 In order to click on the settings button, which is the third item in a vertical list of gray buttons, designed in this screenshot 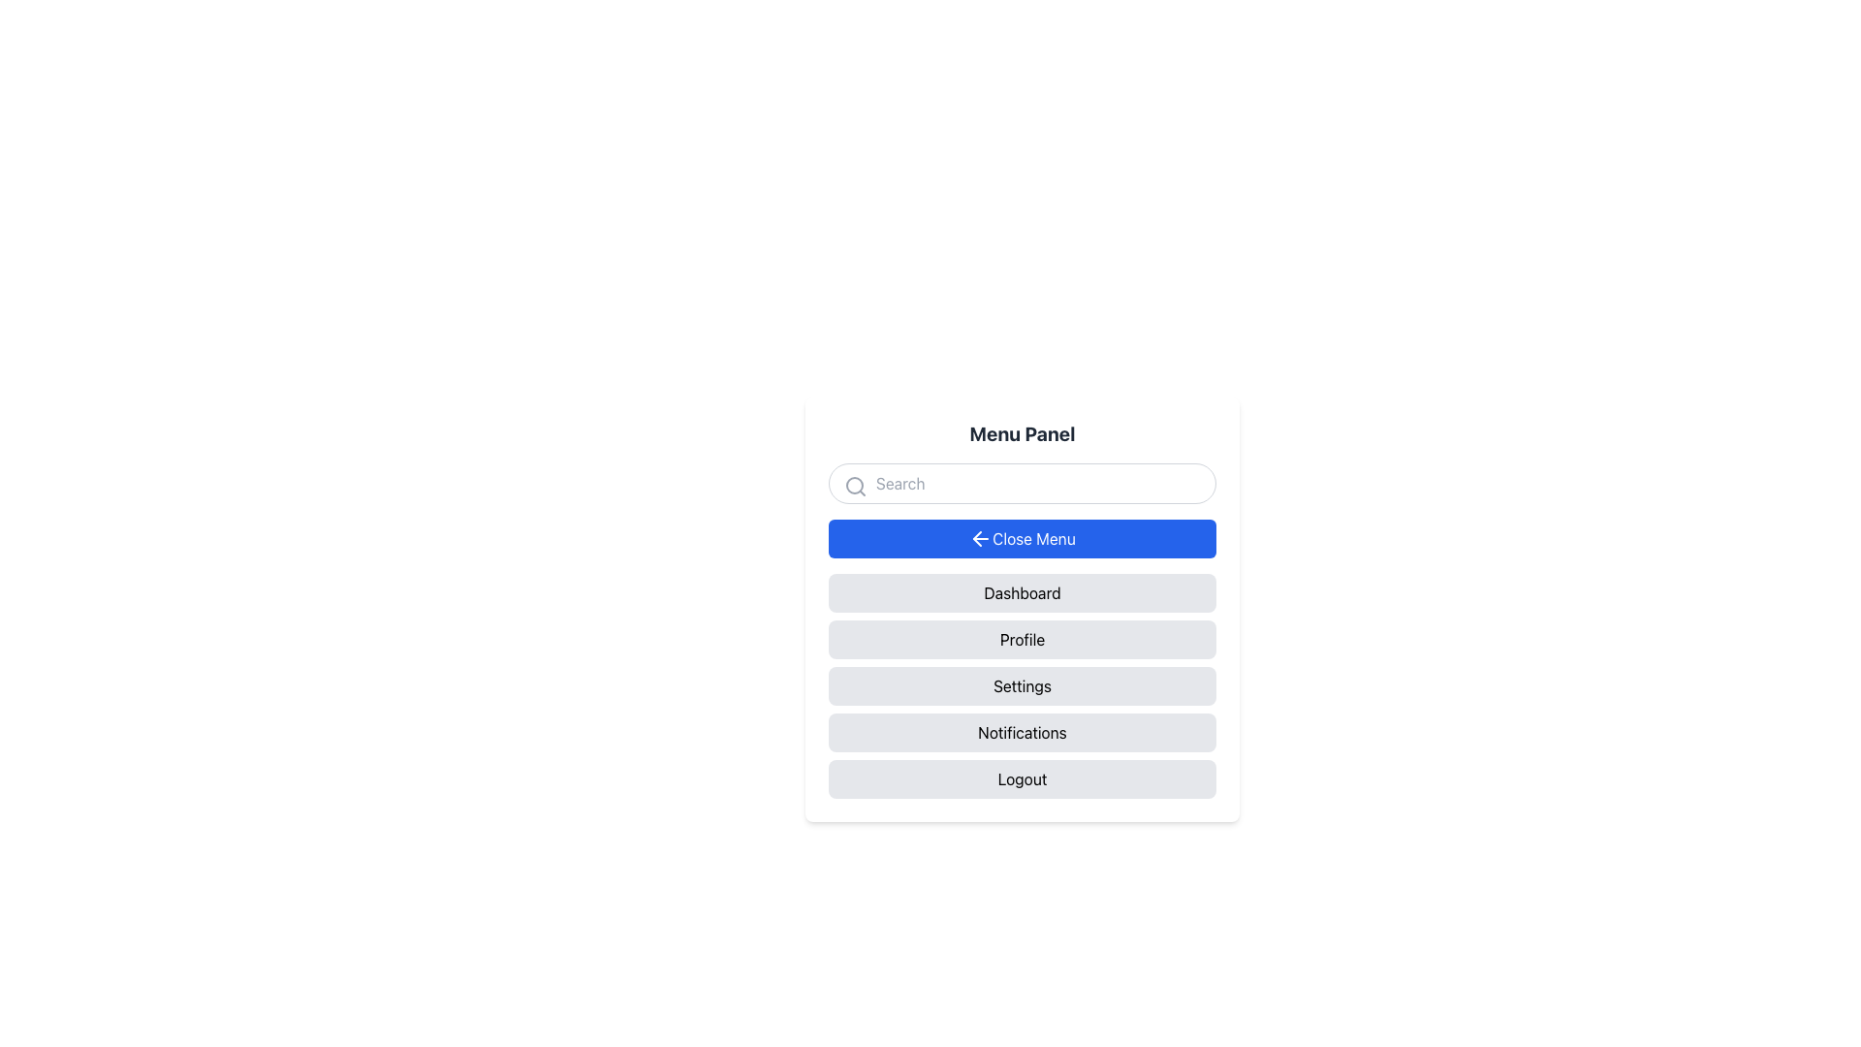, I will do `click(1022, 685)`.